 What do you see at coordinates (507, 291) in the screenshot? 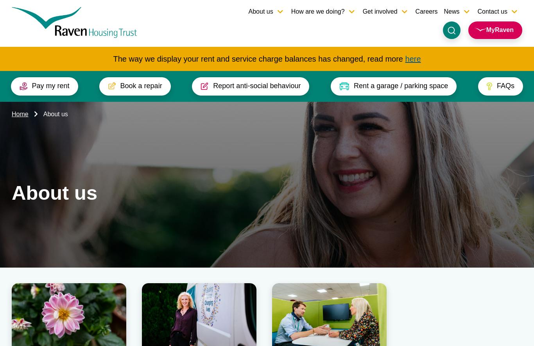
I see `'Sitemap'` at bounding box center [507, 291].